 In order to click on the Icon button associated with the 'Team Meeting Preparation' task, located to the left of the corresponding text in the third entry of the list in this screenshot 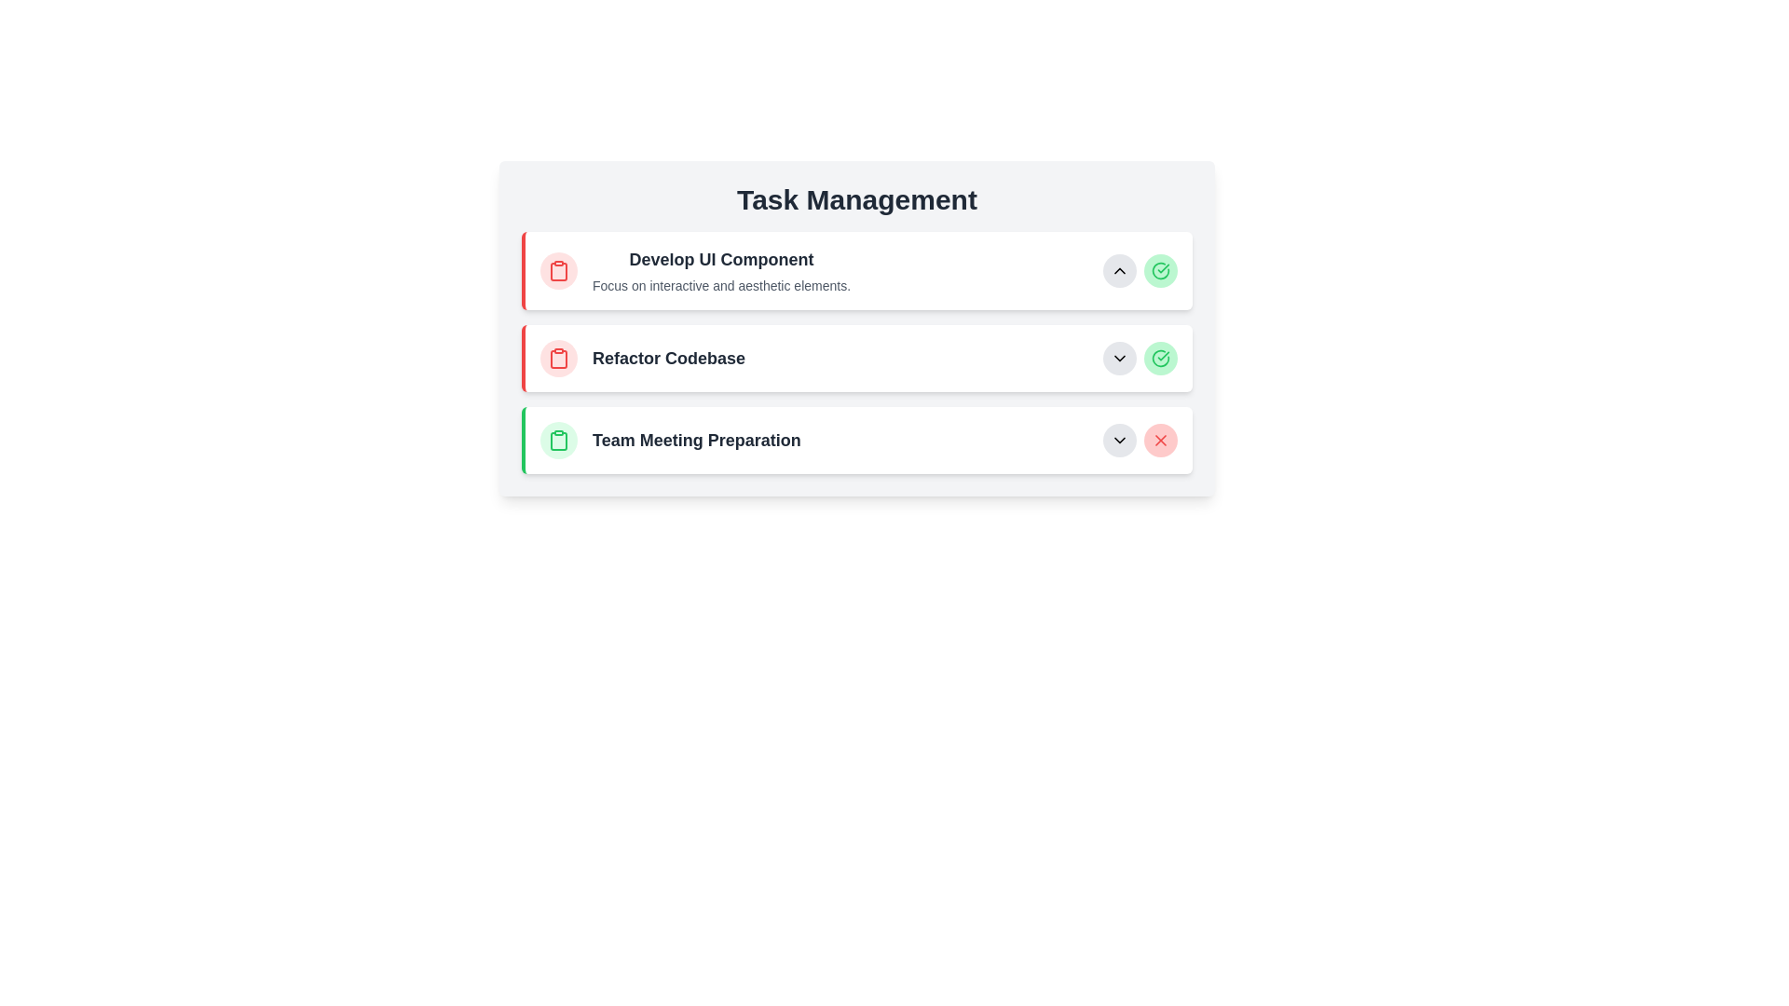, I will do `click(558, 441)`.